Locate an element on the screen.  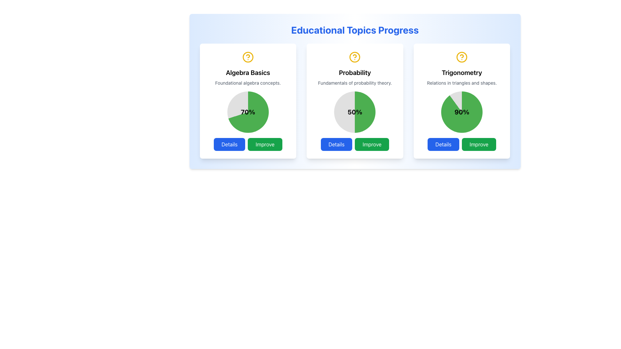
the area surrounding the text content that displays the progress percentage of the 'Probability' topic, which is located at the center of the circular progress indicator within the 'Probability' card is located at coordinates (354, 112).